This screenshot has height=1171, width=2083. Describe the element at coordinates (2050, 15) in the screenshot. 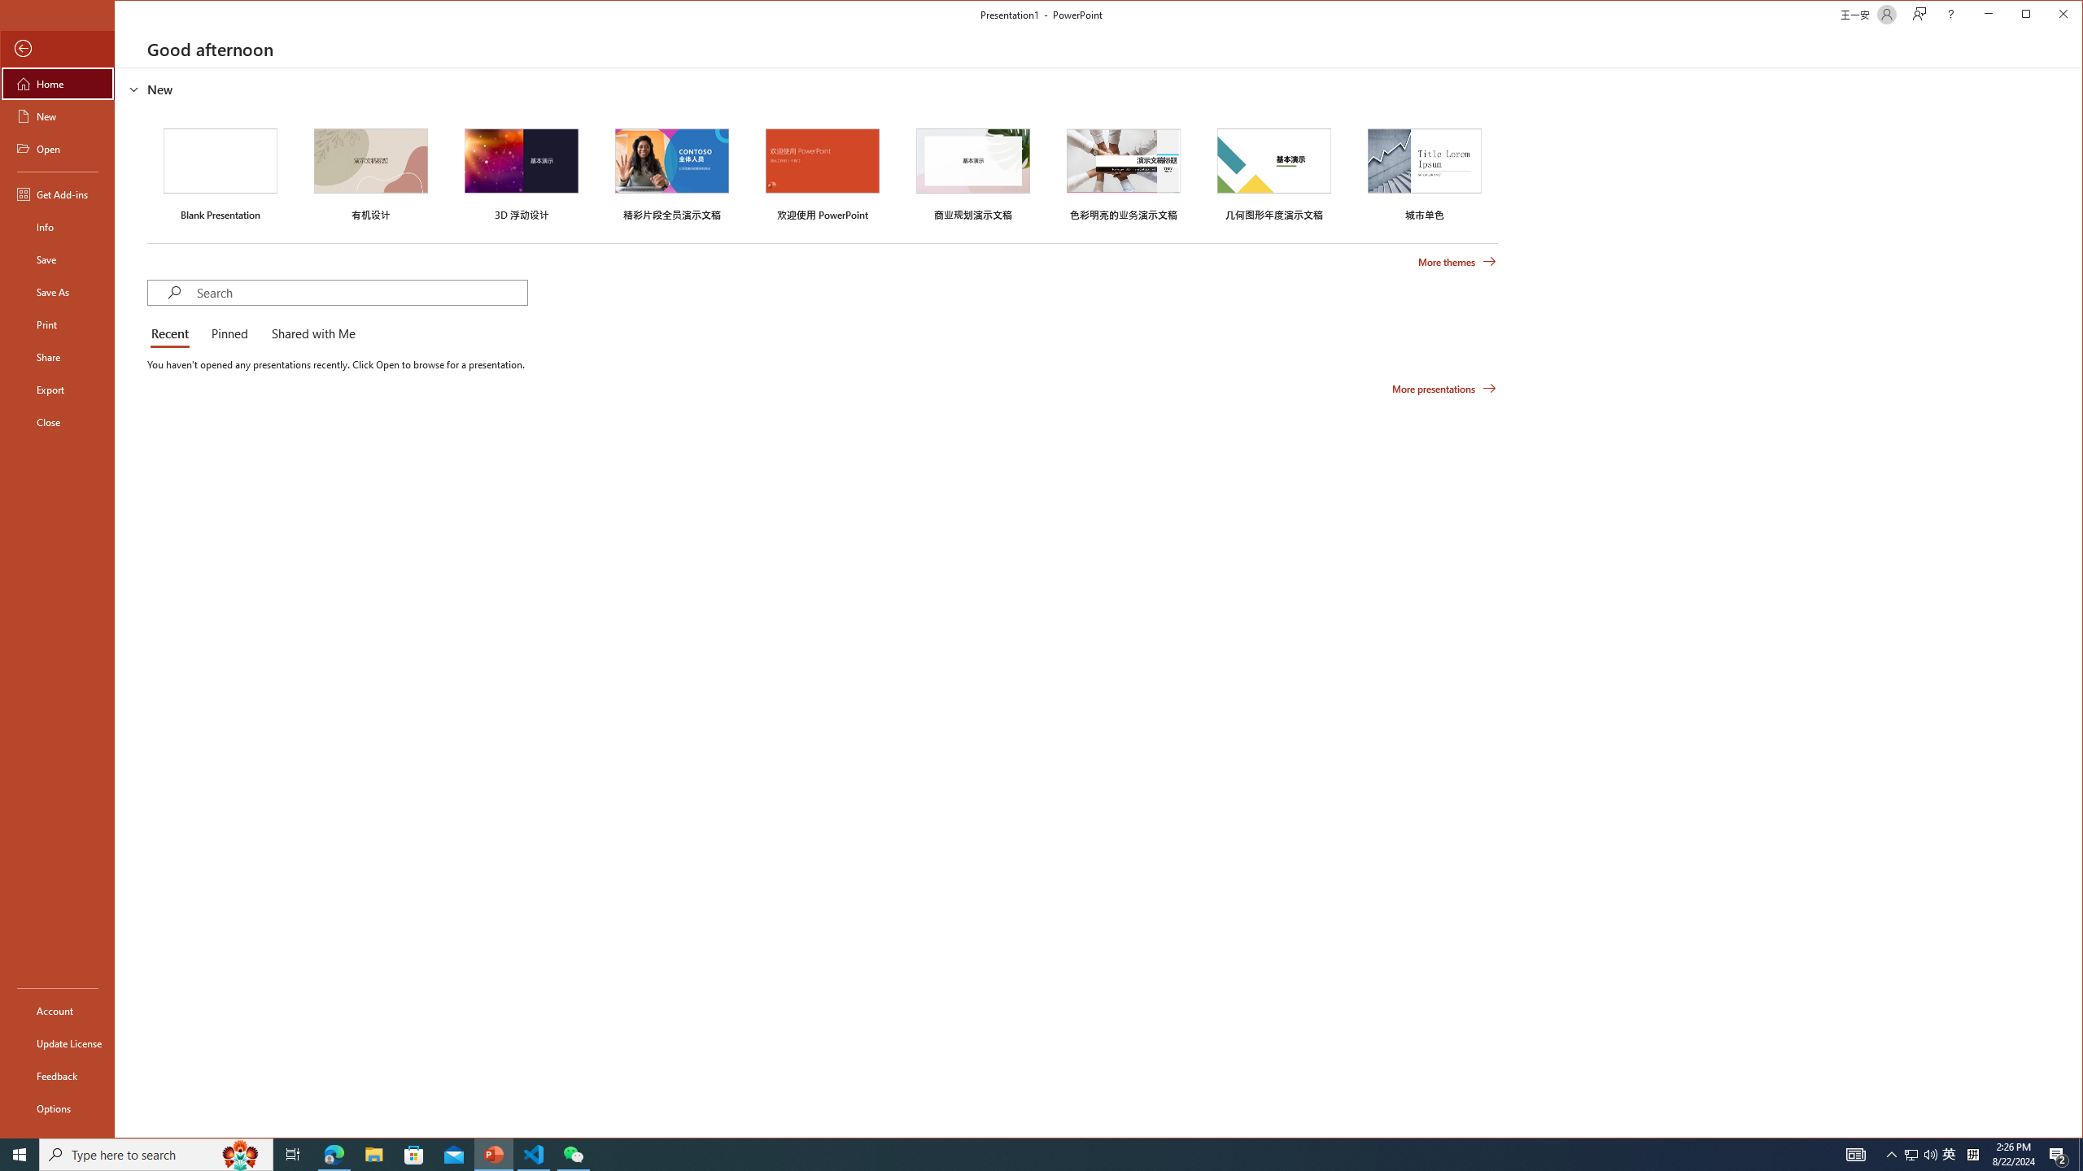

I see `'Maximize'` at that location.